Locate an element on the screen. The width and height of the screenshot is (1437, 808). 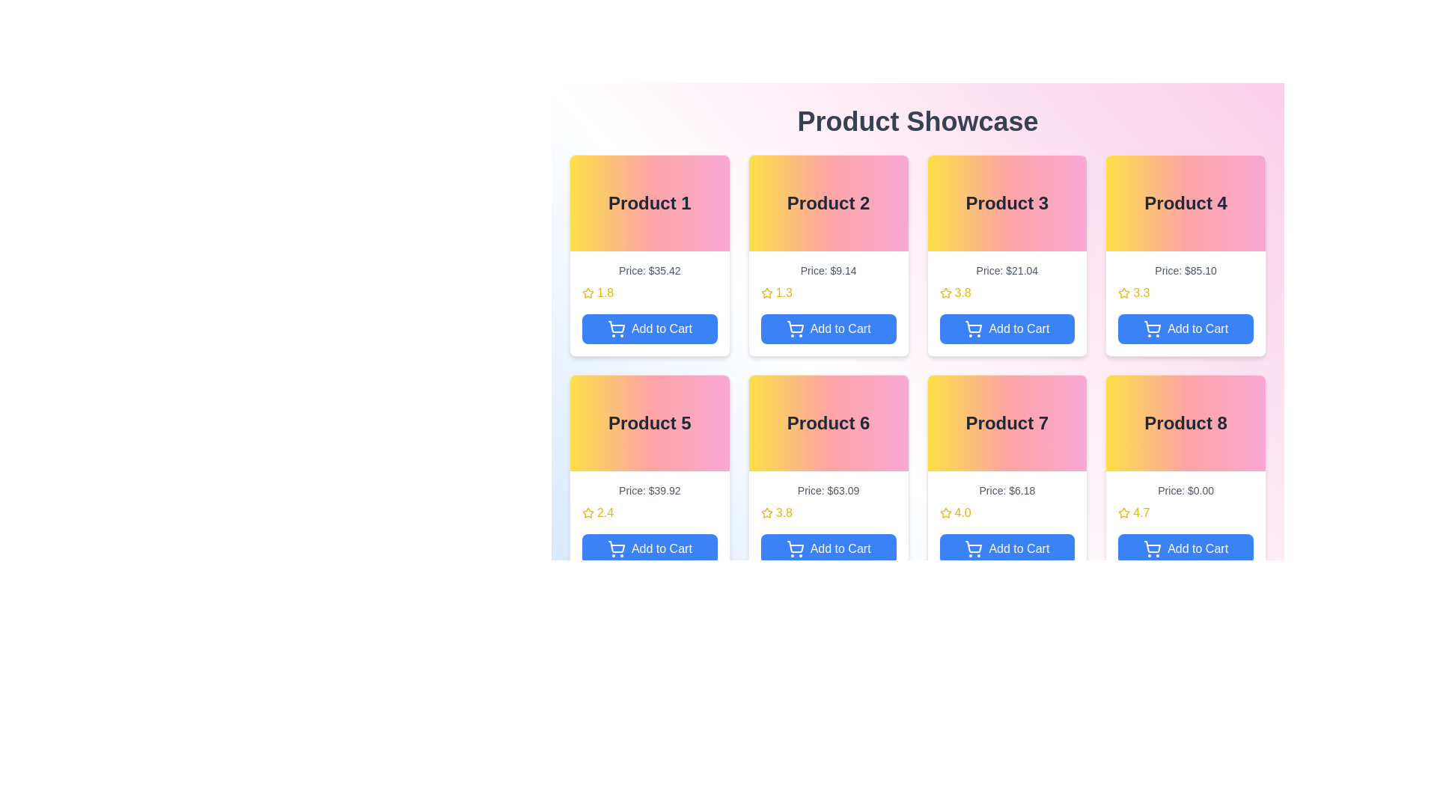
the third 'Add to Cart' button in the top row of the grid layout is located at coordinates (1007, 328).